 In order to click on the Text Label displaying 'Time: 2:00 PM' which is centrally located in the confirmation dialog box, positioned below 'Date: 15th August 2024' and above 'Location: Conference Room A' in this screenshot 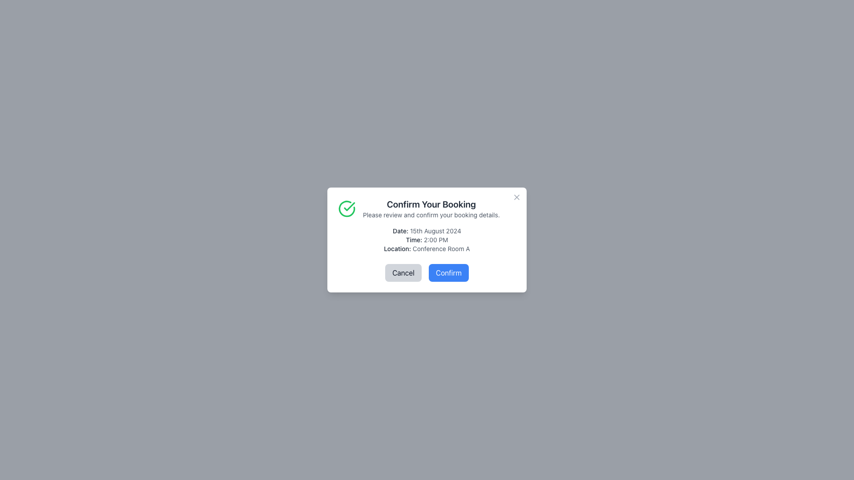, I will do `click(427, 240)`.